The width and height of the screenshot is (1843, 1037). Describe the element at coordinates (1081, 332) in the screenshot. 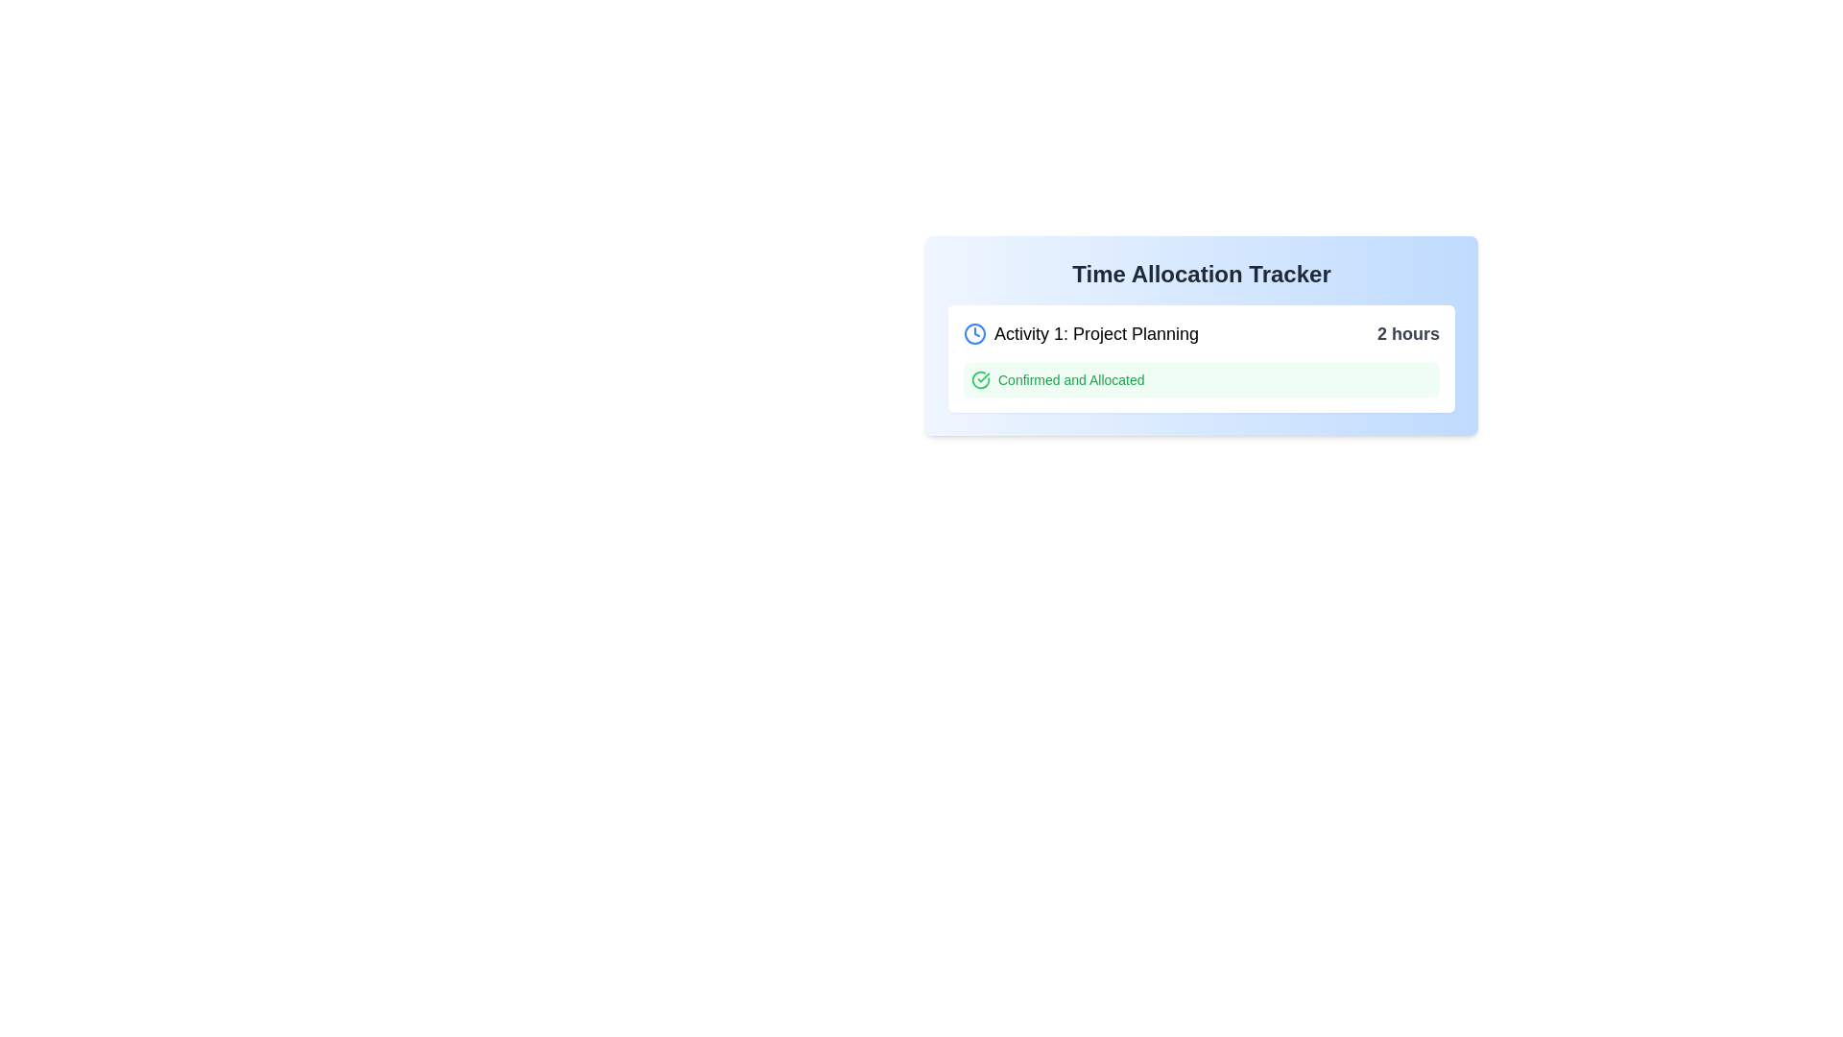

I see `the text label displaying 'Activity 1: Project Planning' with a clock icon, which is styled in medium modern font and aligned horizontally next to the icon` at that location.